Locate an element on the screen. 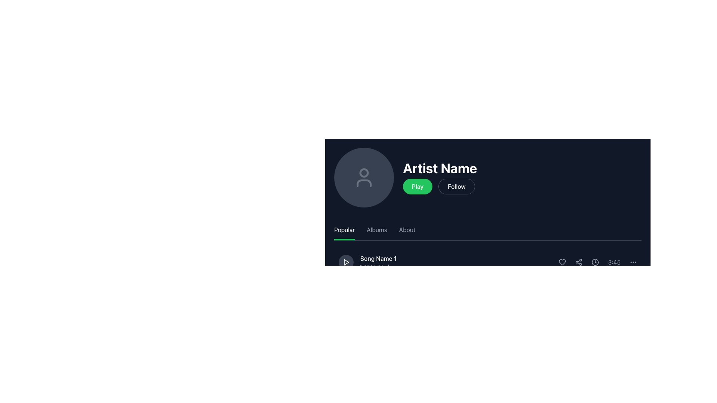 The image size is (717, 403). the follow button located to the right of the 'Play' button, which will change its border color to white is located at coordinates (456, 186).